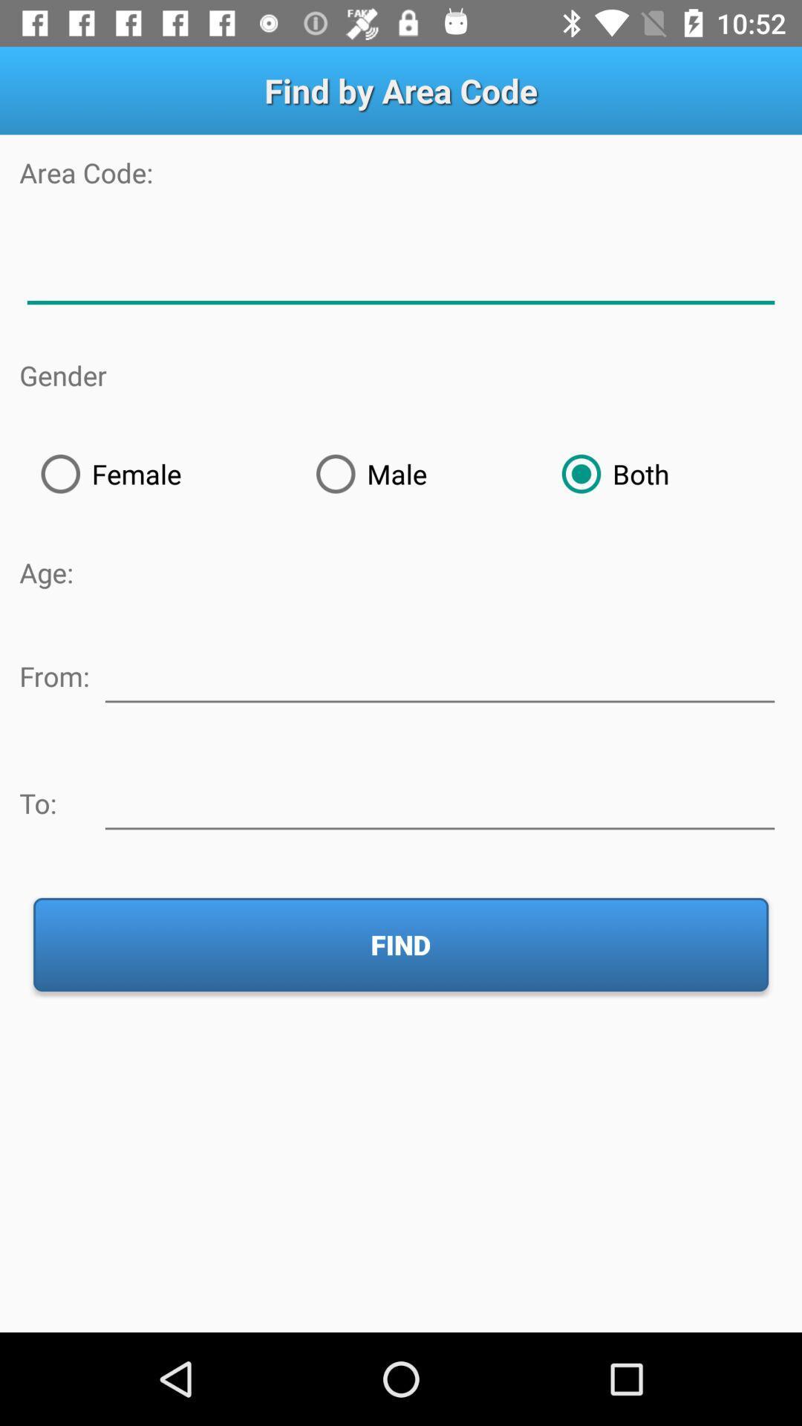 Image resolution: width=802 pixels, height=1426 pixels. Describe the element at coordinates (417, 473) in the screenshot. I see `the male radio button` at that location.